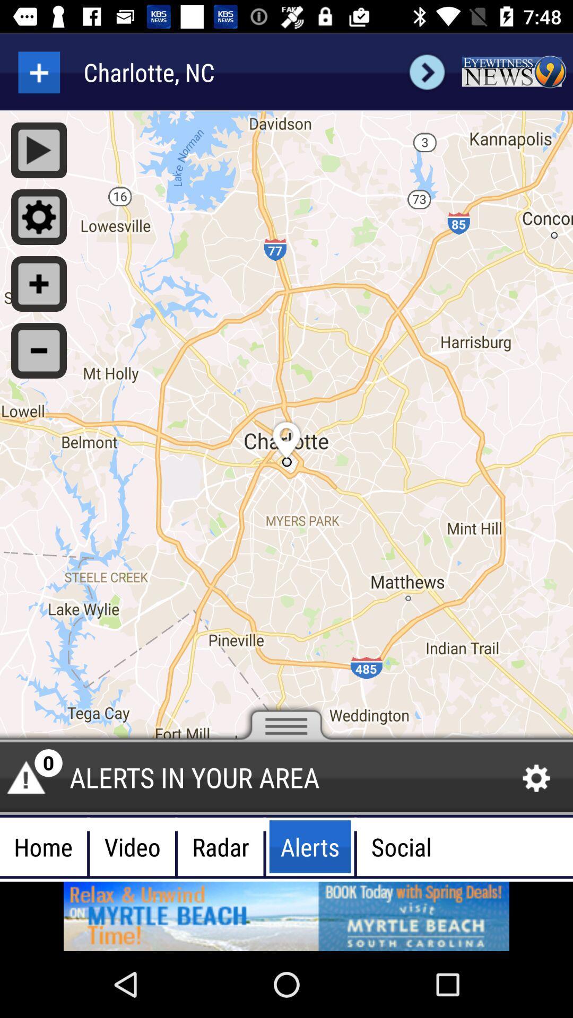 The image size is (573, 1018). I want to click on previous, so click(427, 72).